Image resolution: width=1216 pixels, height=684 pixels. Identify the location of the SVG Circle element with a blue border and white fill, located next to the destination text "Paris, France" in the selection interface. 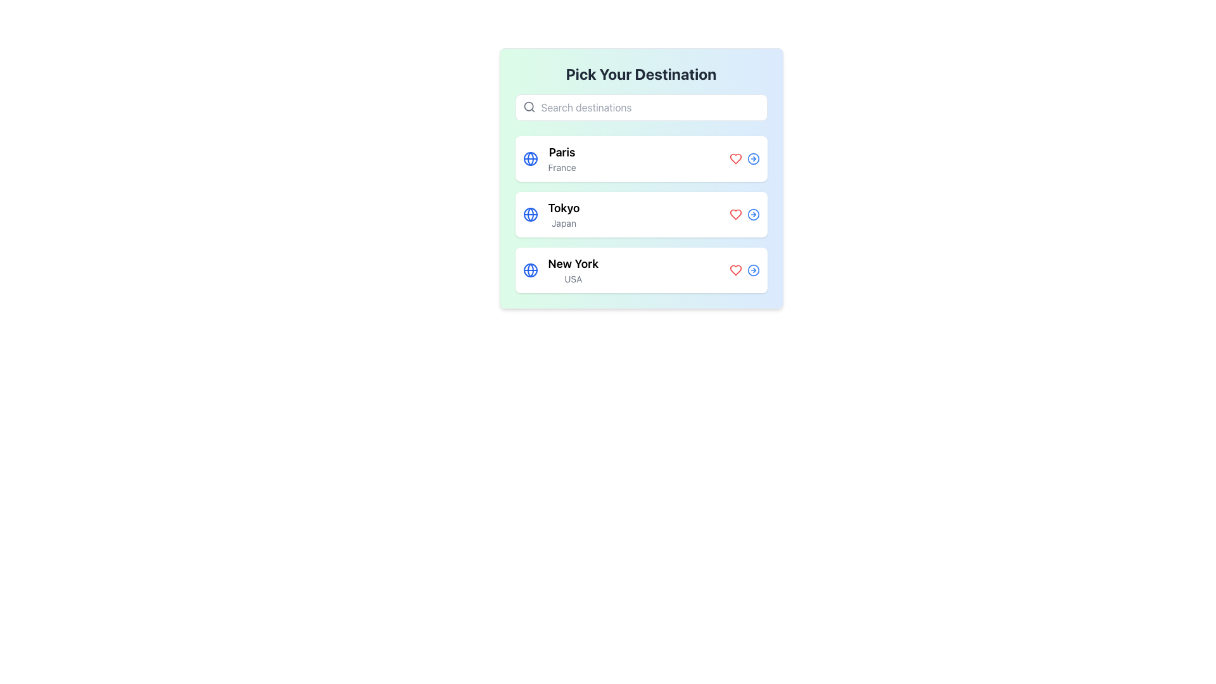
(753, 158).